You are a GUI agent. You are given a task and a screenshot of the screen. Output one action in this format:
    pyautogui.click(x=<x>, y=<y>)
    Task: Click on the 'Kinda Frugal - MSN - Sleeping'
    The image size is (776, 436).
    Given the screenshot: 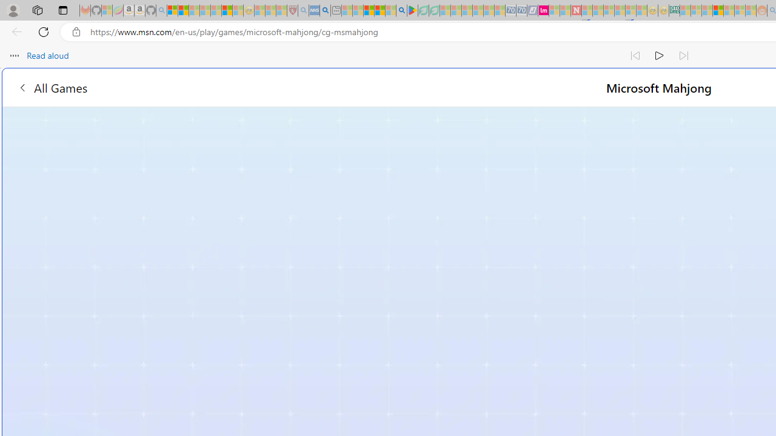 What is the action you would take?
    pyautogui.click(x=728, y=10)
    